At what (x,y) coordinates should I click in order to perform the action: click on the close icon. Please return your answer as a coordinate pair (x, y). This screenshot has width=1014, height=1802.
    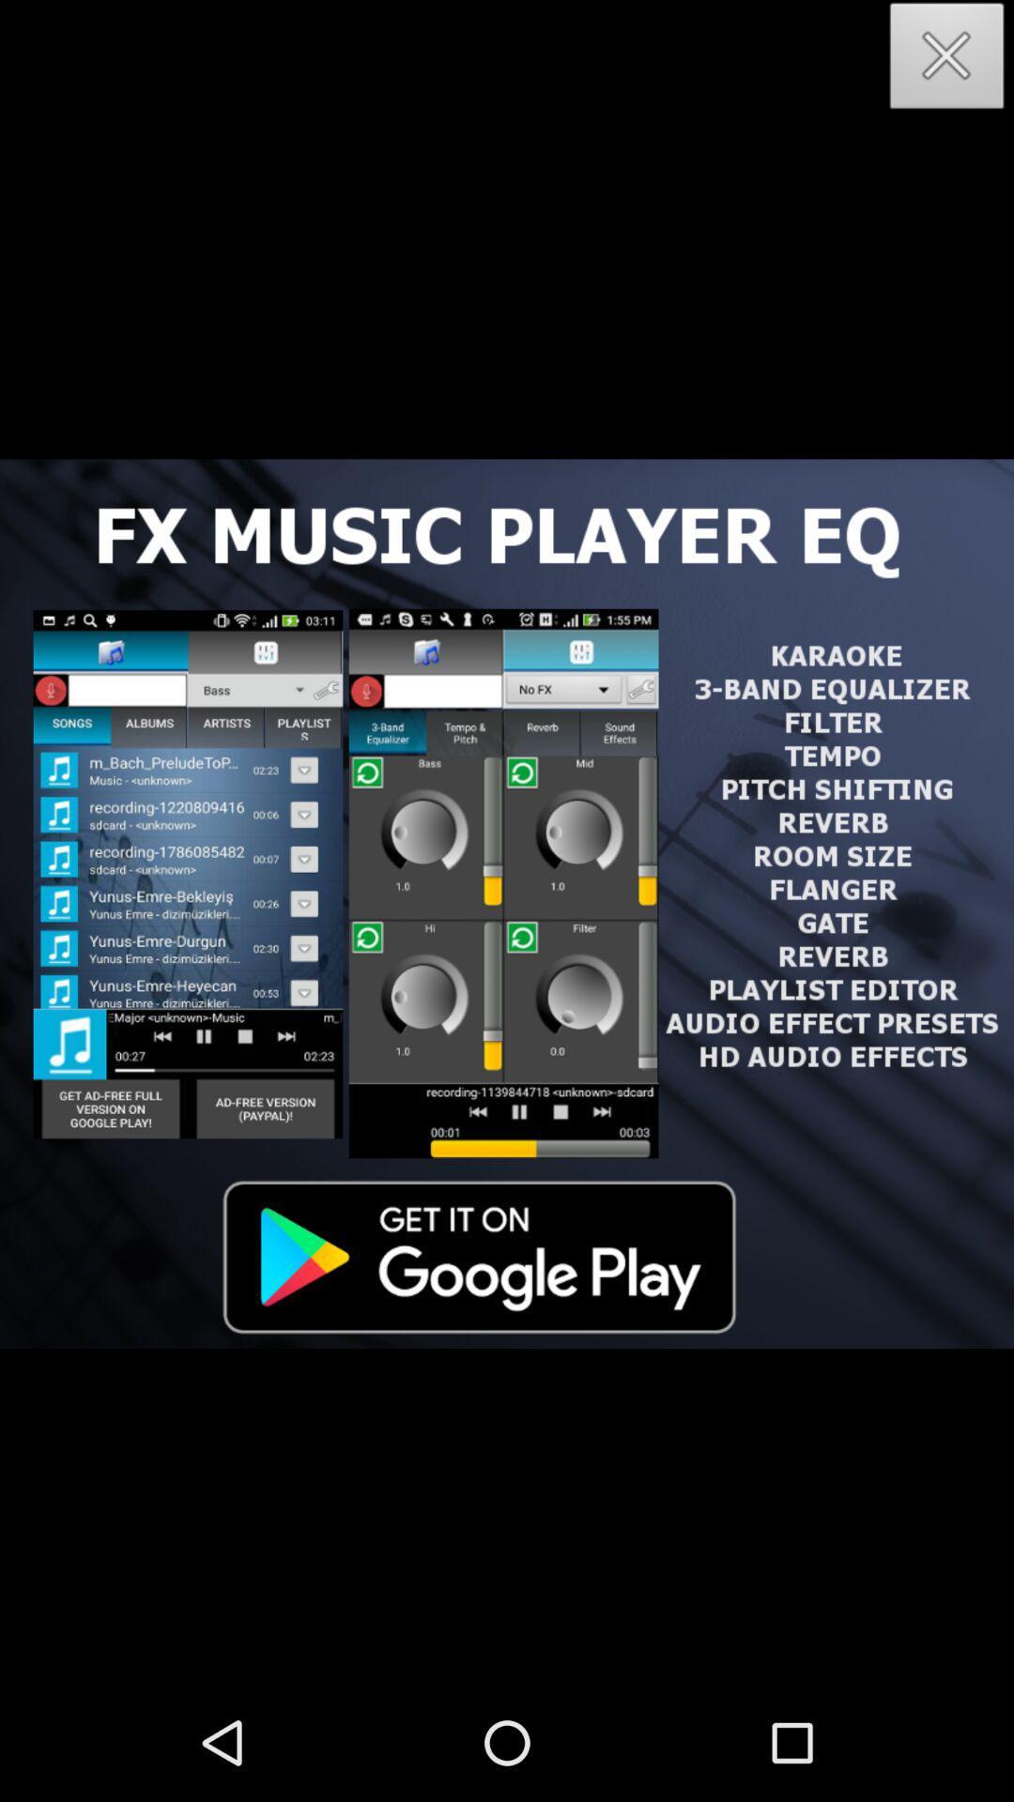
    Looking at the image, I should click on (947, 66).